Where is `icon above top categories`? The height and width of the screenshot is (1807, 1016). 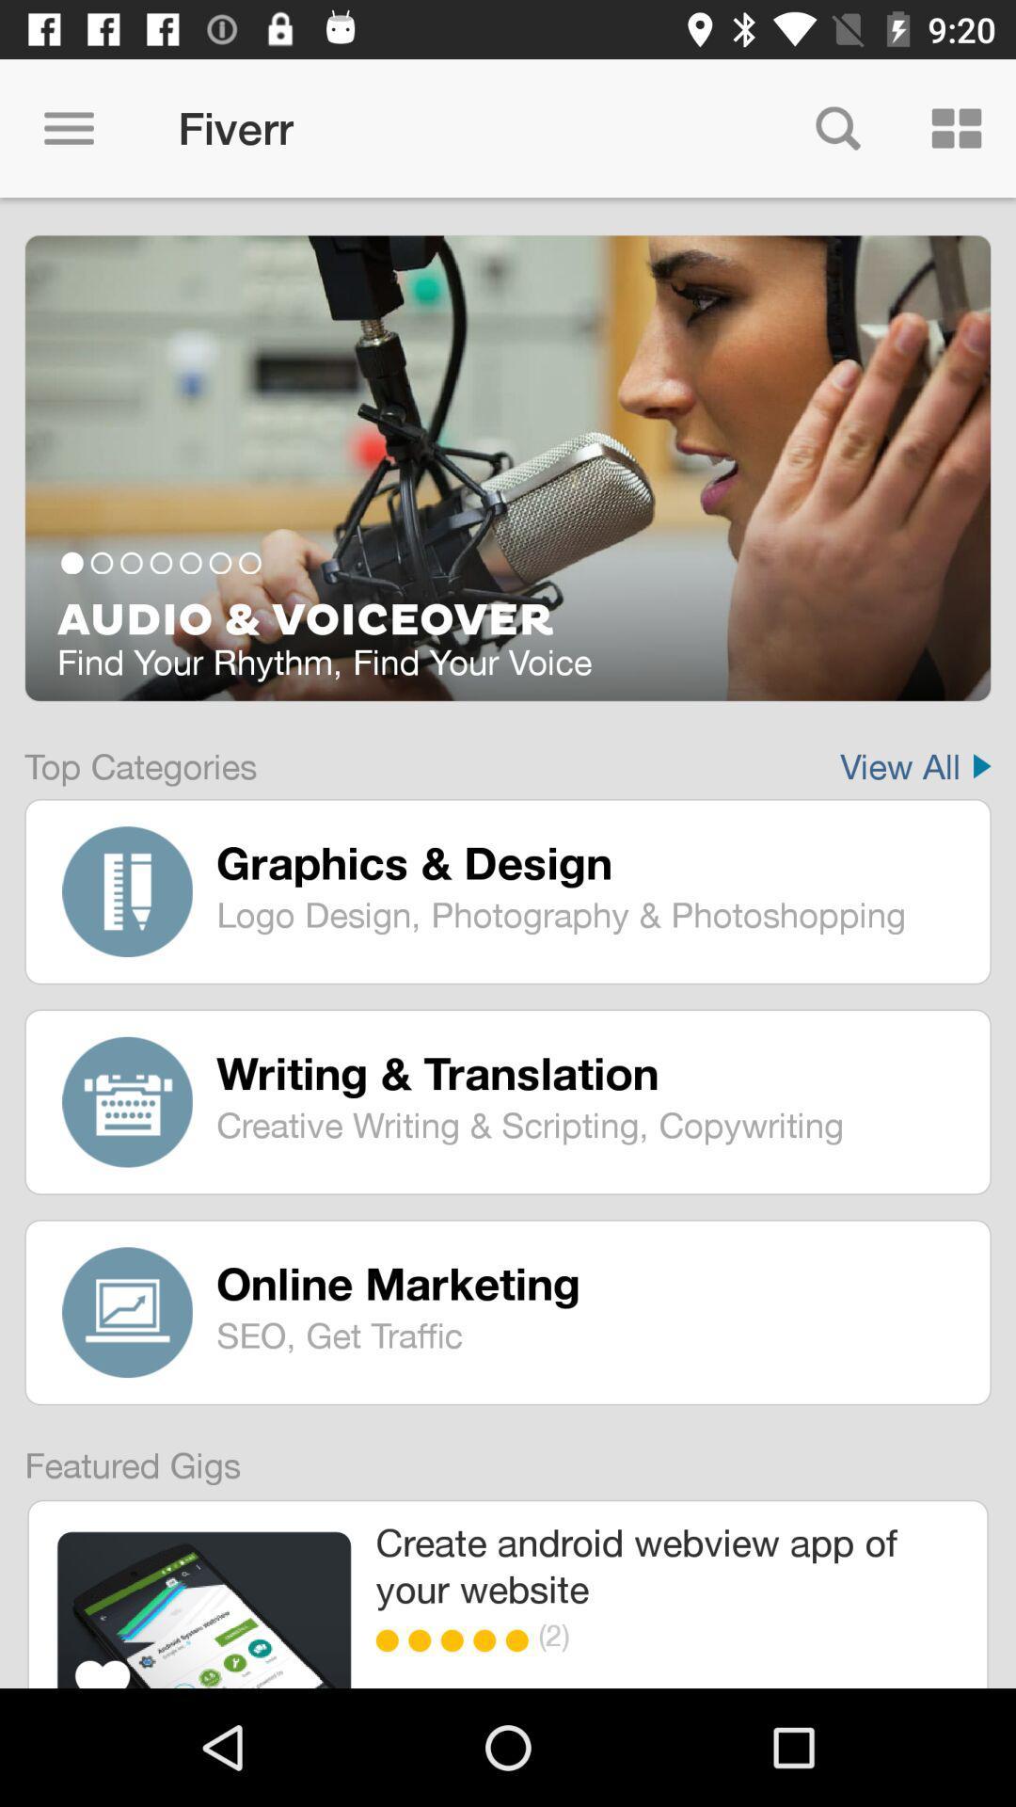 icon above top categories is located at coordinates (508, 468).